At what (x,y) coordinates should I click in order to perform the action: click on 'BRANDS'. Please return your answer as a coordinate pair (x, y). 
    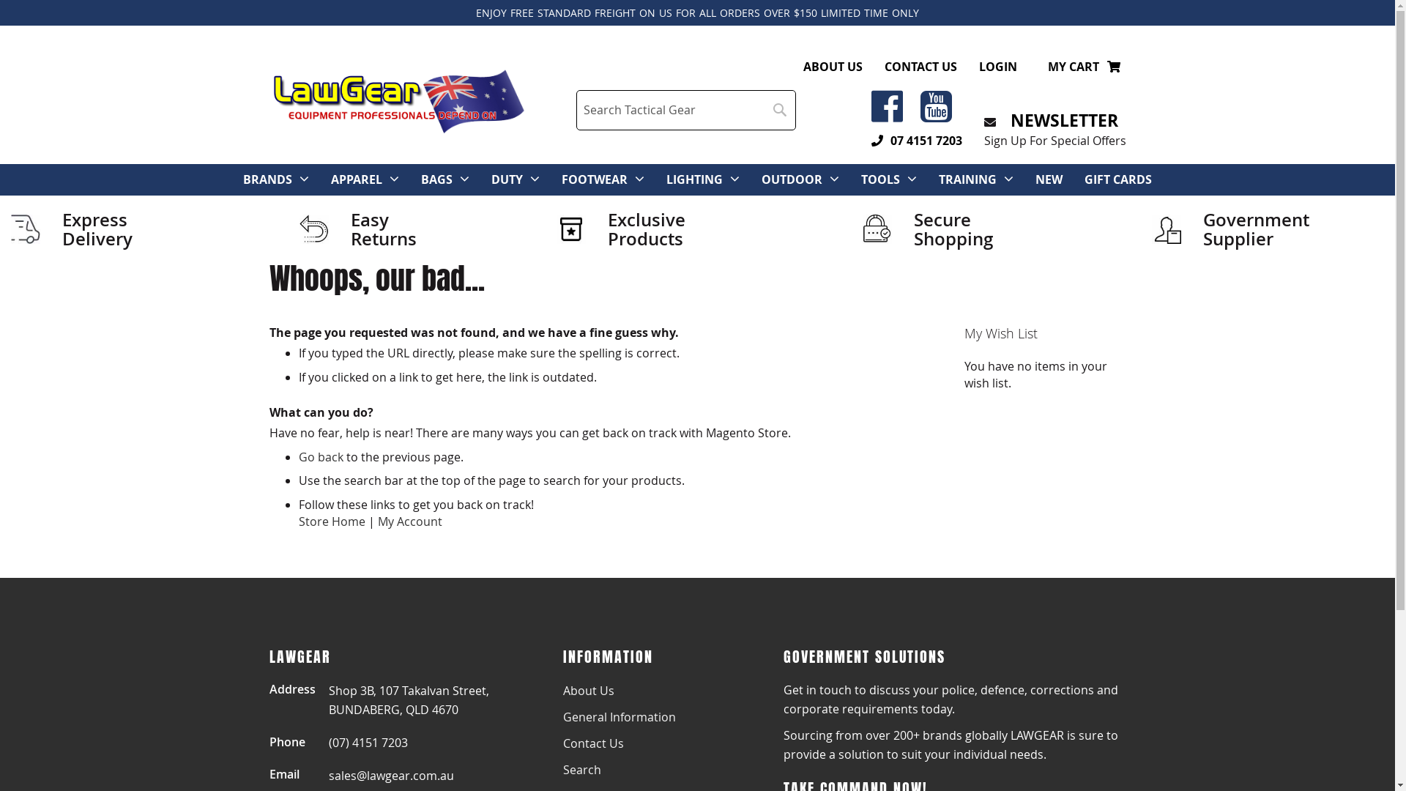
    Looking at the image, I should click on (267, 179).